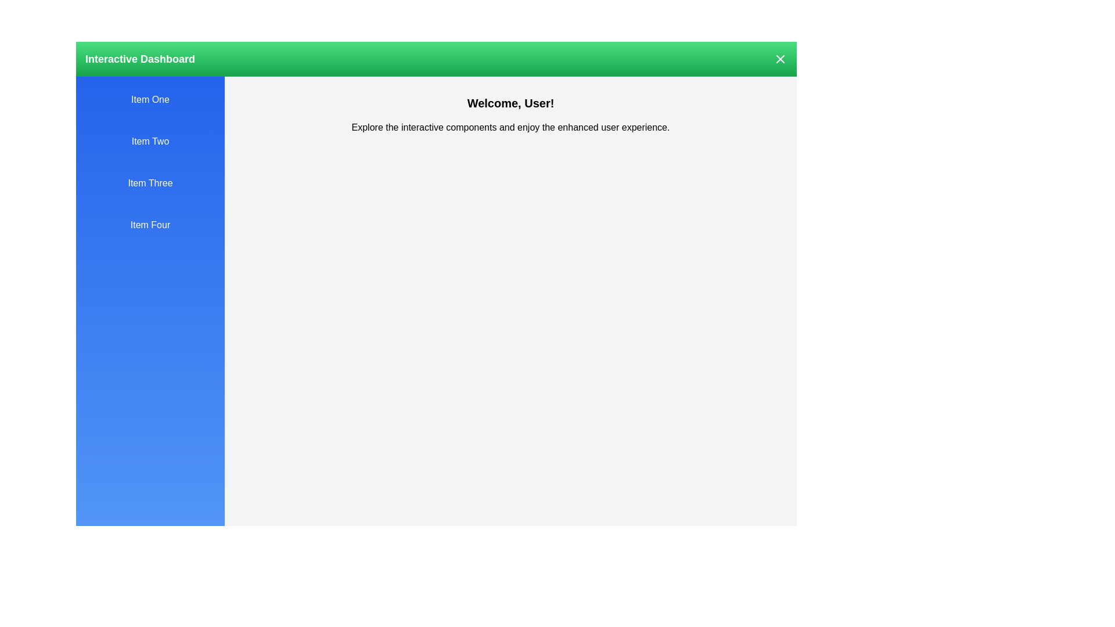 This screenshot has height=627, width=1115. I want to click on the drawer item Item Four to observe the hover effect, so click(150, 225).